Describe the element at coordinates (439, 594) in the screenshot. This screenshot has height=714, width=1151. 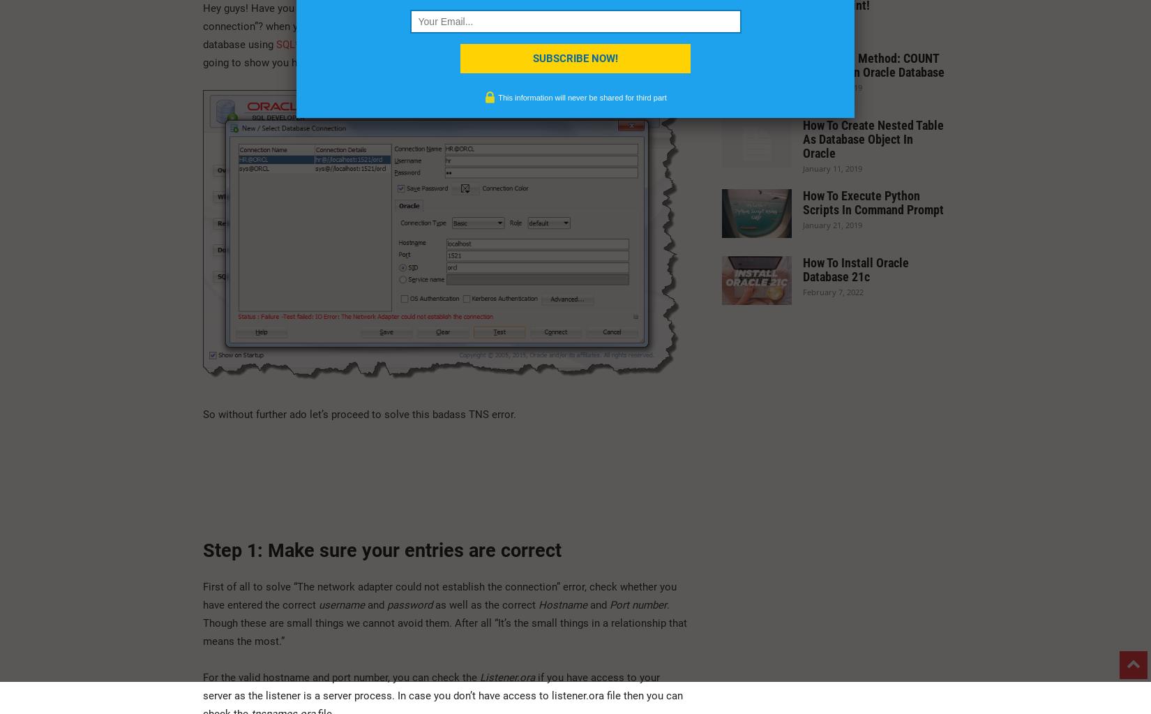
I see `'First of all to solve “The network adapter could not establish the connection” error, check whether you have entered the correct'` at that location.